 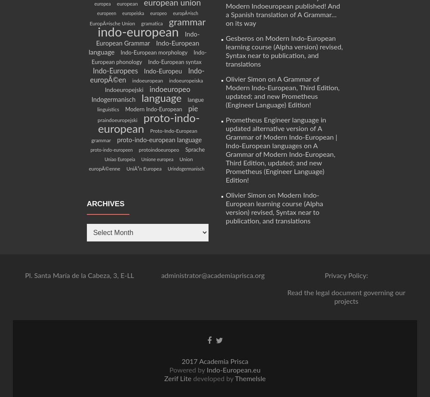 I want to click on 'Indo-European phonology', so click(x=148, y=57).